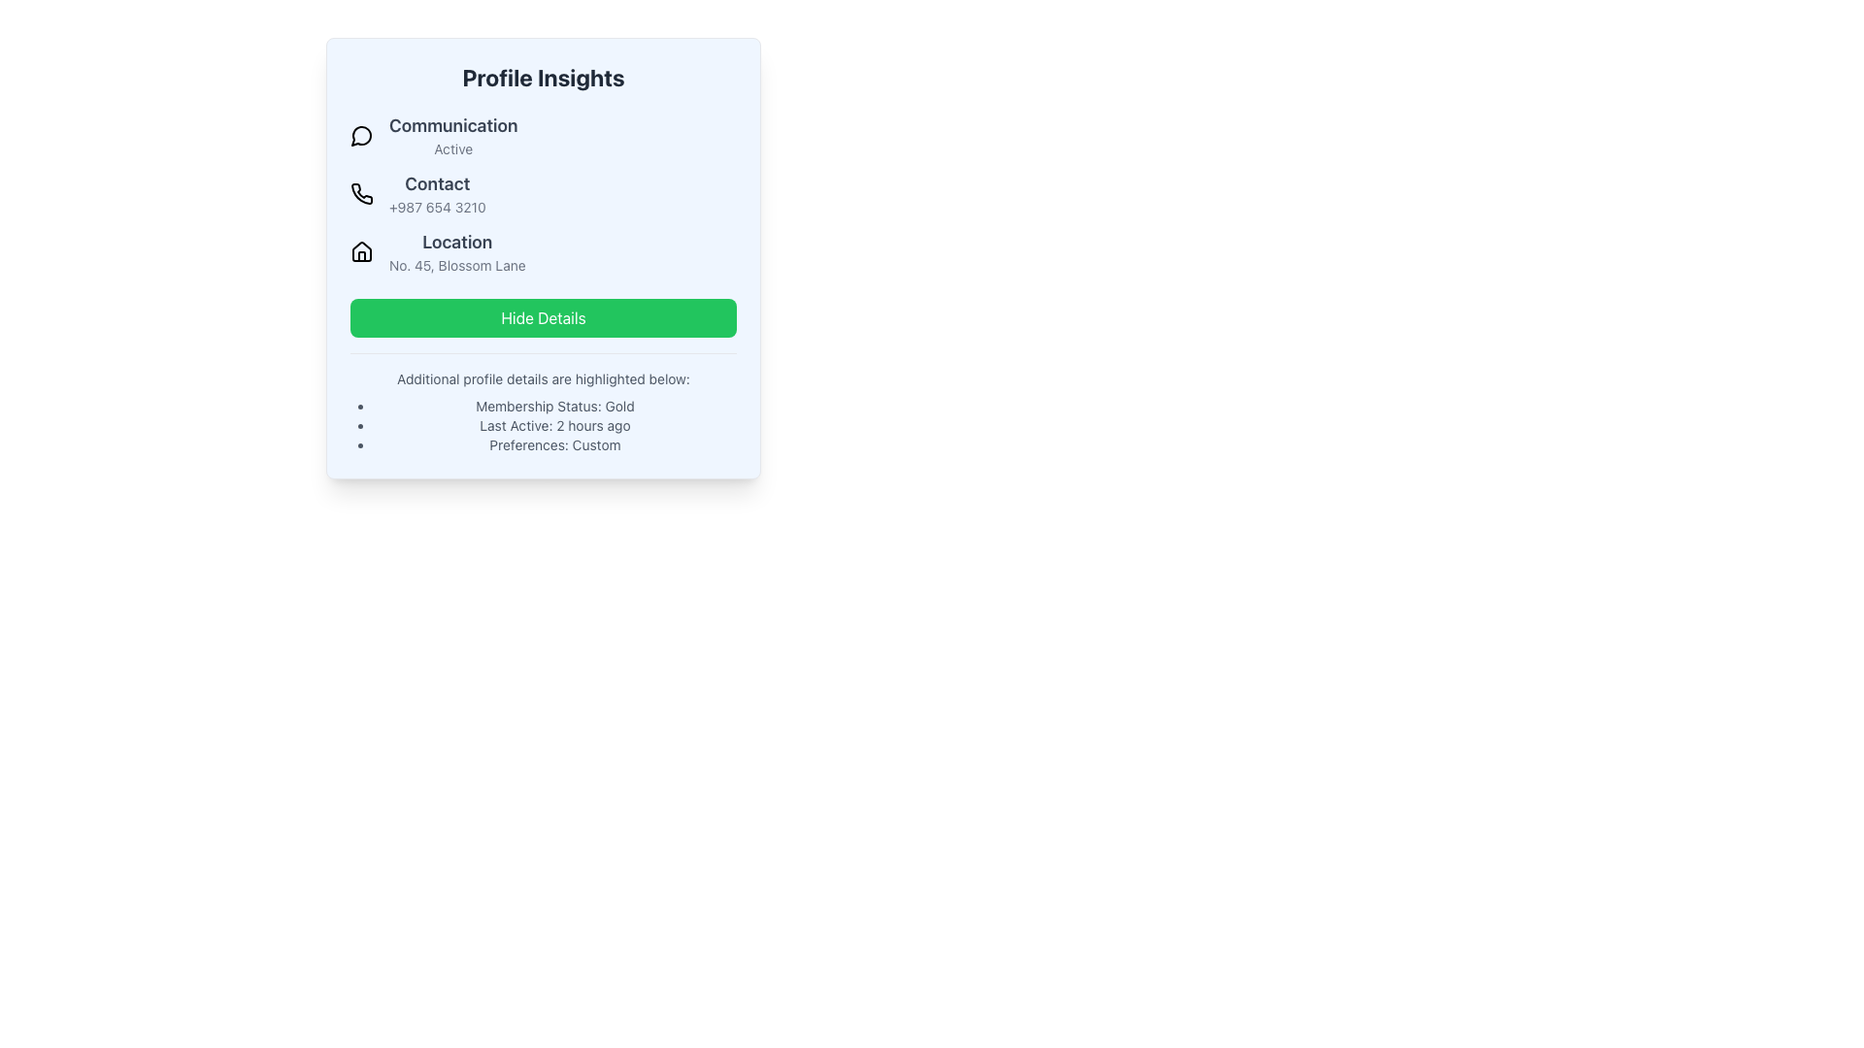 The image size is (1864, 1048). I want to click on the header text element that serves as a category or section title, located above the secondary text 'Active', so click(452, 126).